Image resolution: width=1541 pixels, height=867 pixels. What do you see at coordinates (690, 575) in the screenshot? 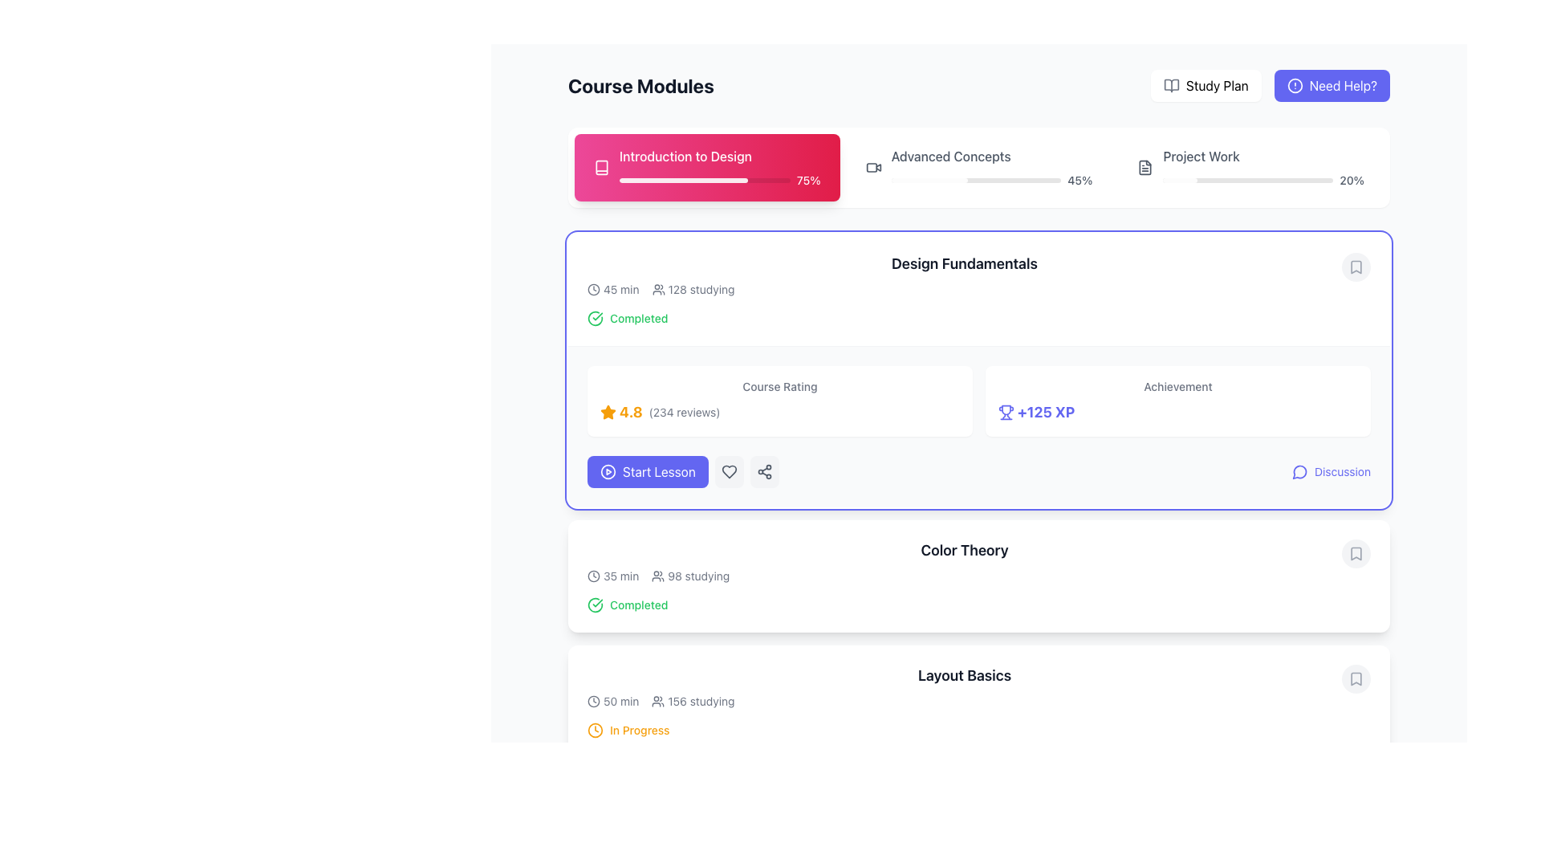
I see `the text element displaying '98 studying' next to the user icon, which is part of the 'Color Theory' course module and located in the completion information row` at bounding box center [690, 575].